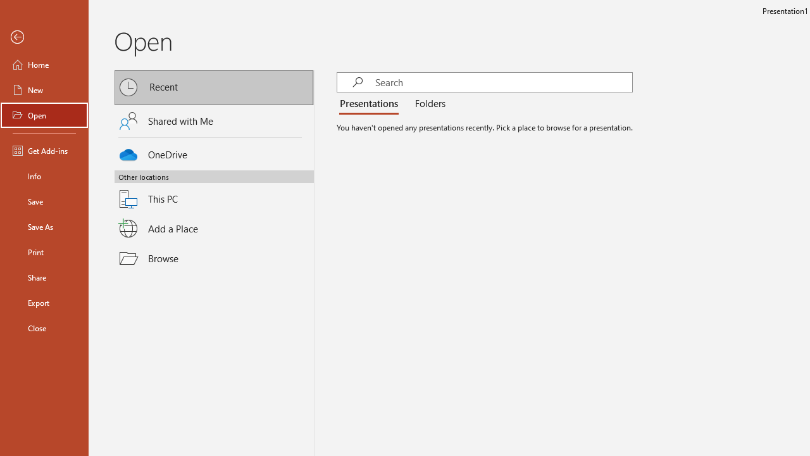 Image resolution: width=810 pixels, height=456 pixels. What do you see at coordinates (214, 229) in the screenshot?
I see `'Add a Place'` at bounding box center [214, 229].